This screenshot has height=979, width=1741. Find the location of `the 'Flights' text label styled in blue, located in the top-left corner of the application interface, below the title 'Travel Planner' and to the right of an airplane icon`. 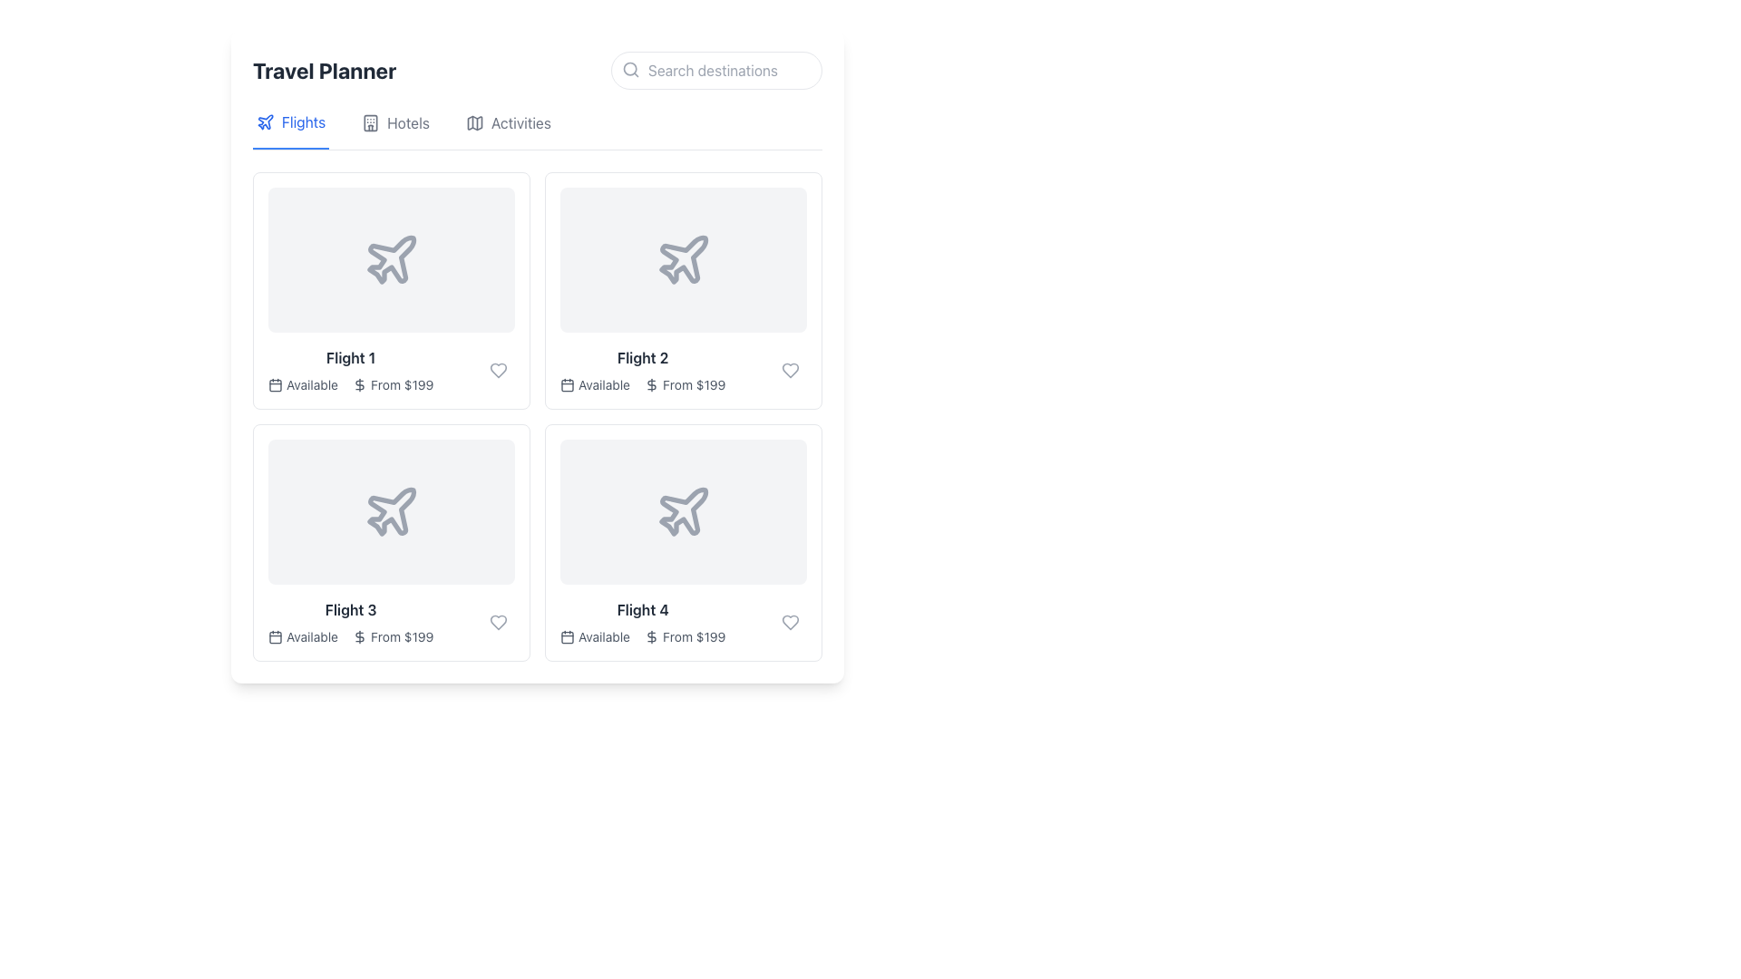

the 'Flights' text label styled in blue, located in the top-left corner of the application interface, below the title 'Travel Planner' and to the right of an airplane icon is located at coordinates (304, 122).